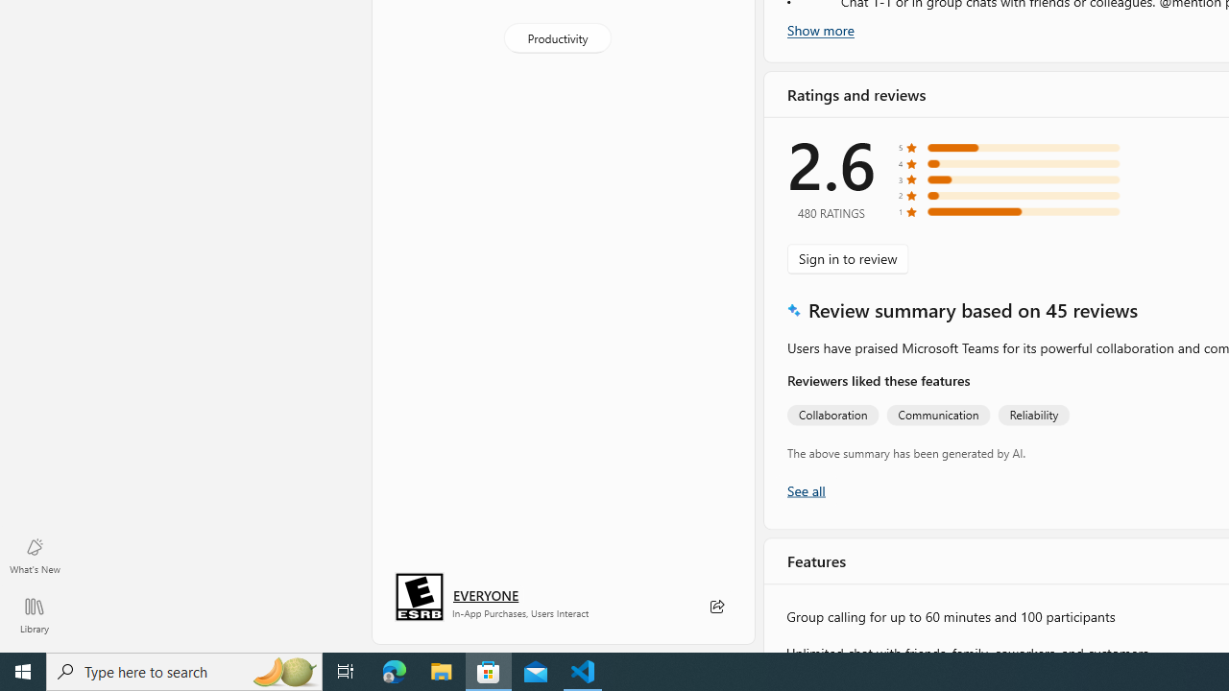 Image resolution: width=1229 pixels, height=691 pixels. What do you see at coordinates (486, 593) in the screenshot?
I see `'Age rating: EVERYONE. Click for more information.'` at bounding box center [486, 593].